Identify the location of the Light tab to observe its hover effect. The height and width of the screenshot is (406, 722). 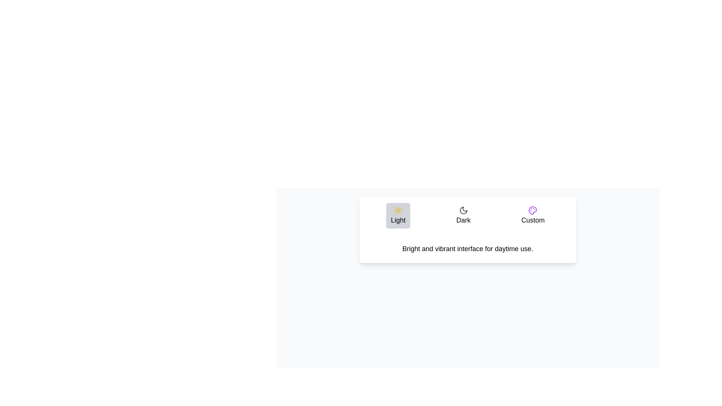
(398, 216).